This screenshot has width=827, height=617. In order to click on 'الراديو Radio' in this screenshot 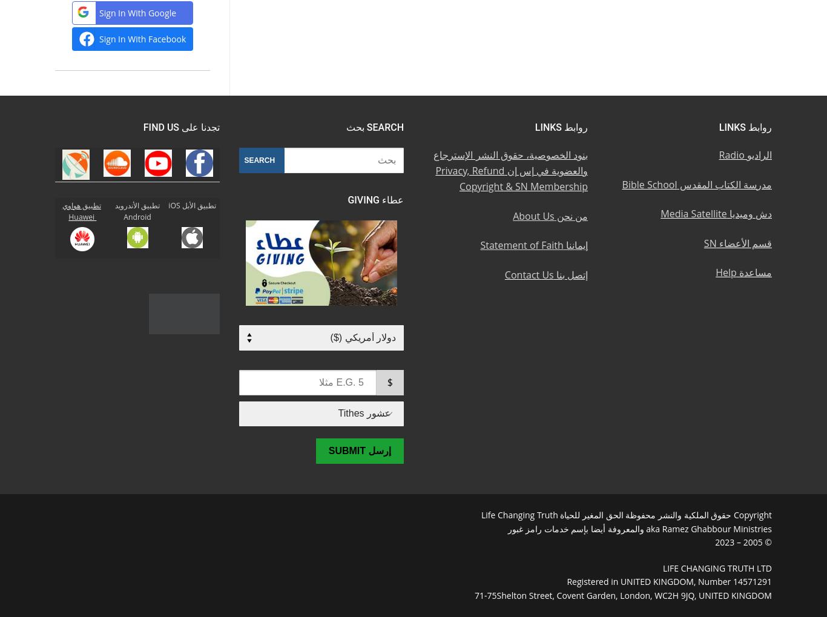, I will do `click(745, 154)`.